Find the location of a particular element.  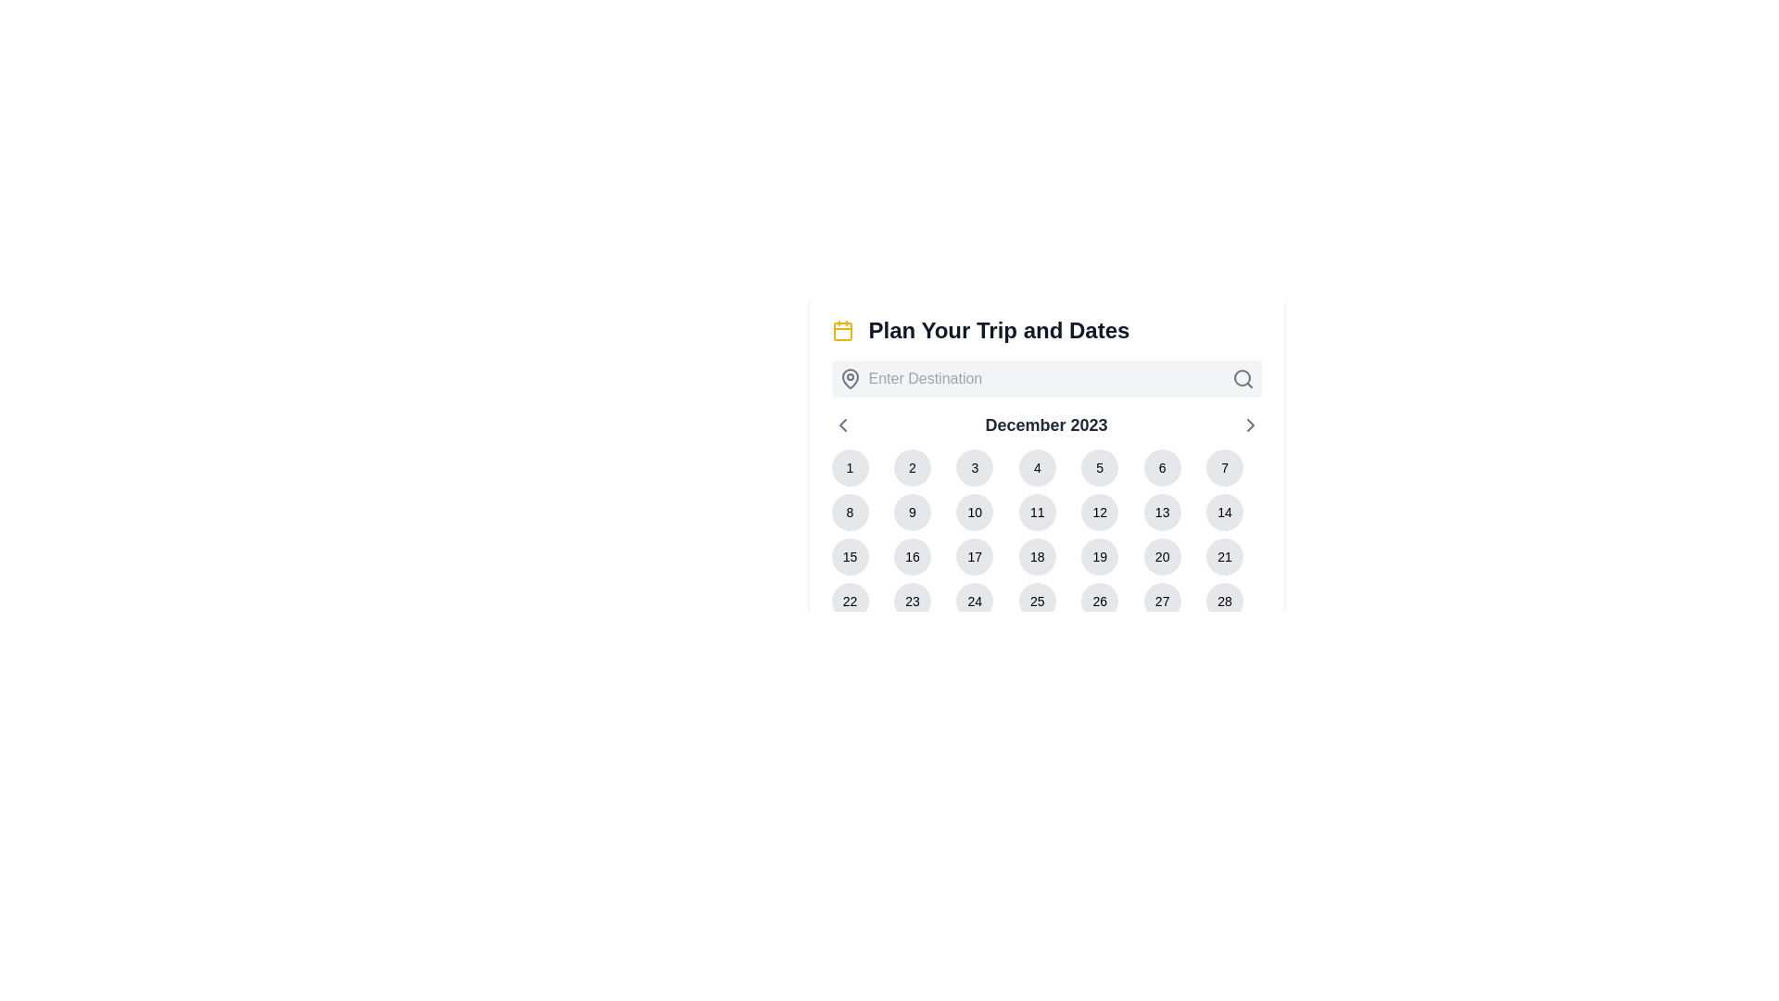

the circular button representing the date '6' in the calendar widget is located at coordinates (1161, 467).